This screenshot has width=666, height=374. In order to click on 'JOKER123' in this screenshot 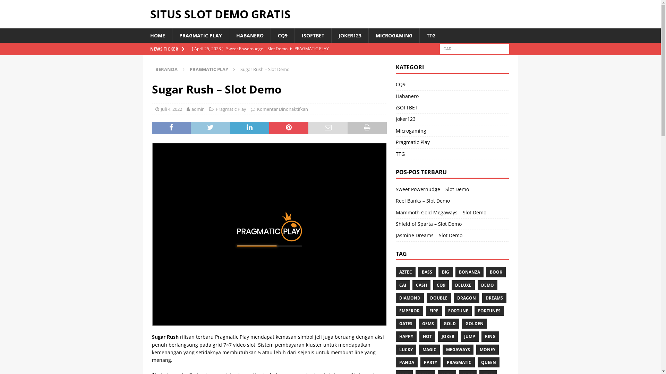, I will do `click(349, 36)`.